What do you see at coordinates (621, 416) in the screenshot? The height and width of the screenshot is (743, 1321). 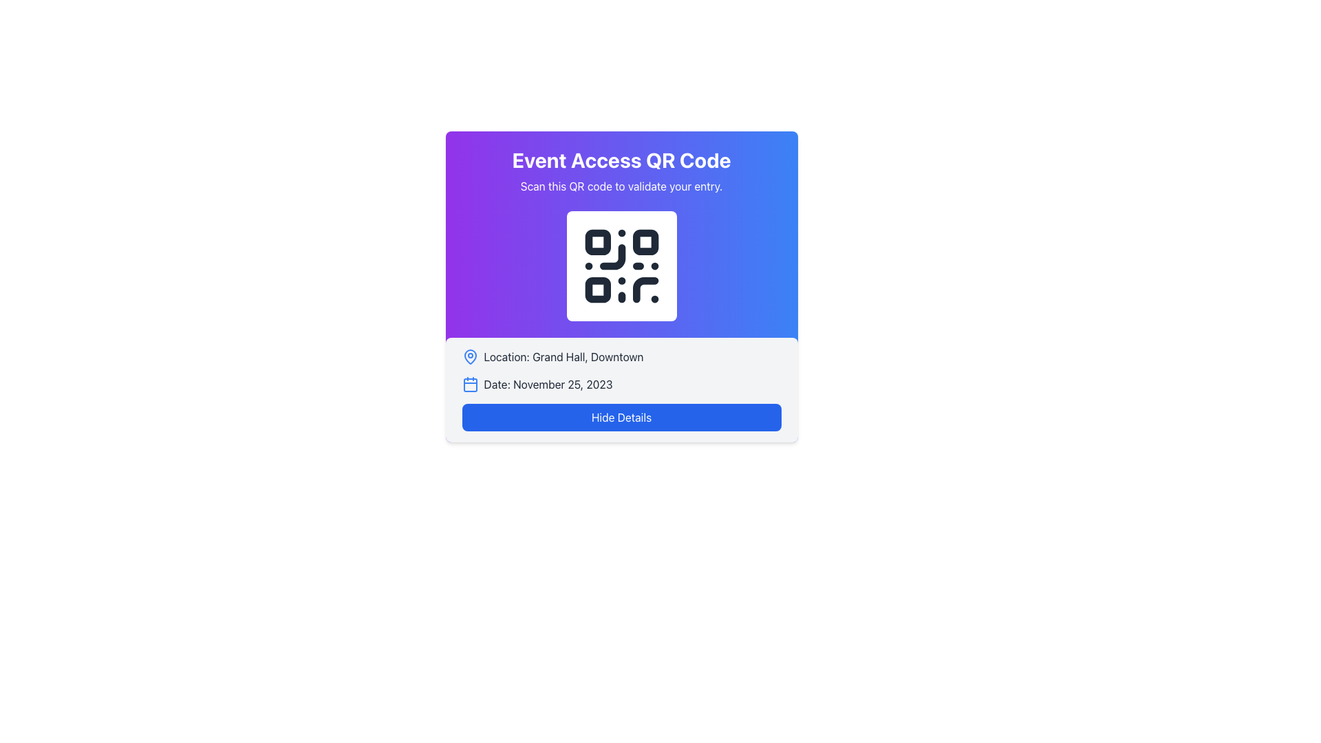 I see `the rectangular button with rounded corners, styled with a blue background and white text reading 'Hide Details', located at the bottom of the gray information panel to hide details` at bounding box center [621, 416].